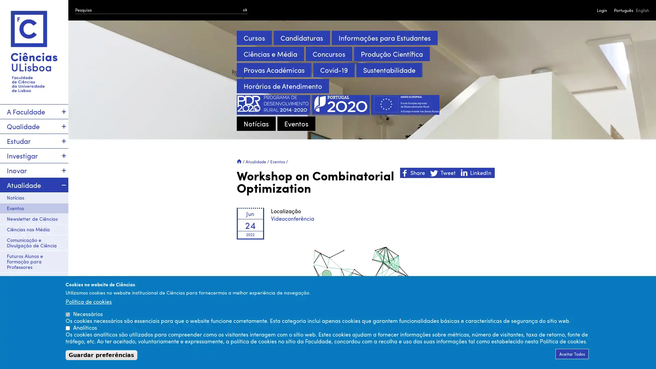 The width and height of the screenshot is (656, 369). What do you see at coordinates (245, 9) in the screenshot?
I see `ok` at bounding box center [245, 9].